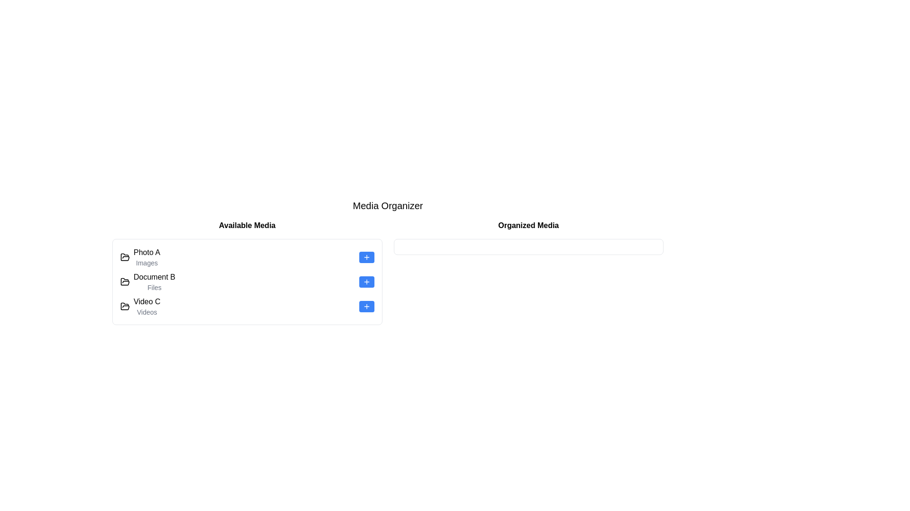  What do you see at coordinates (146, 301) in the screenshot?
I see `the text label reading 'Video C' which is positioned in the third row of the 'Available Media' section, beneath 'Document B' and 'Photo A'` at bounding box center [146, 301].